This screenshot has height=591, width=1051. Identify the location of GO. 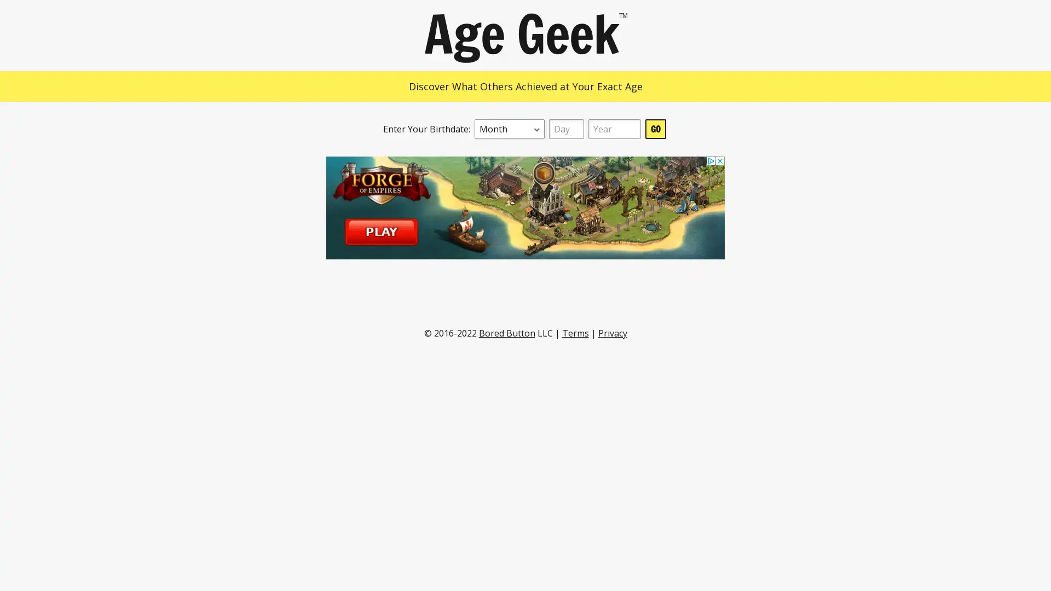
(656, 128).